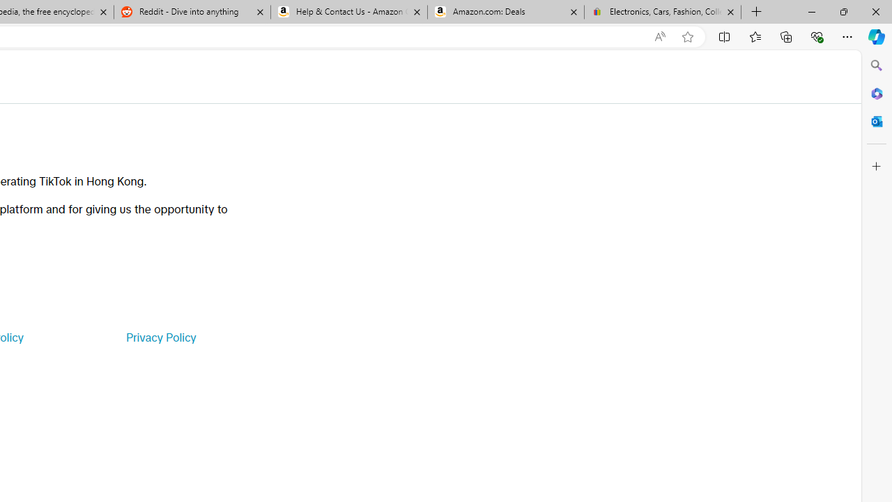  What do you see at coordinates (876, 121) in the screenshot?
I see `'Close Outlook pane'` at bounding box center [876, 121].